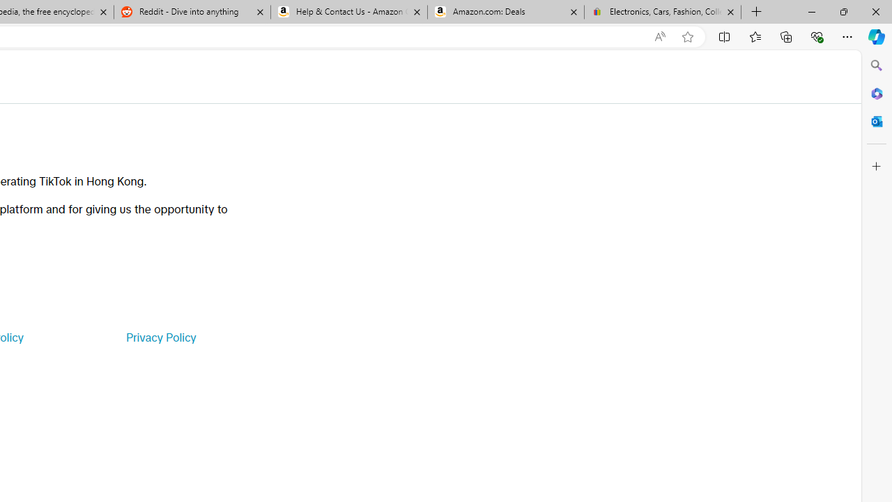  What do you see at coordinates (876, 121) in the screenshot?
I see `'Close Outlook pane'` at bounding box center [876, 121].